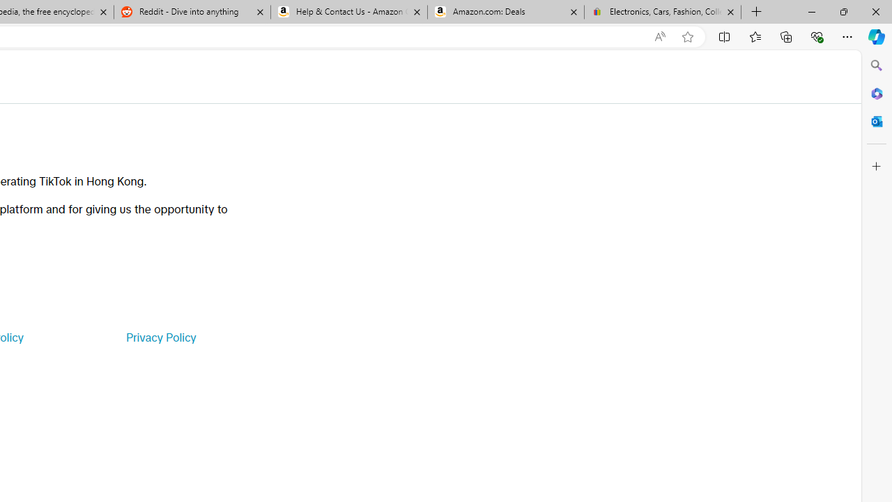  What do you see at coordinates (876, 121) in the screenshot?
I see `'Close Outlook pane'` at bounding box center [876, 121].